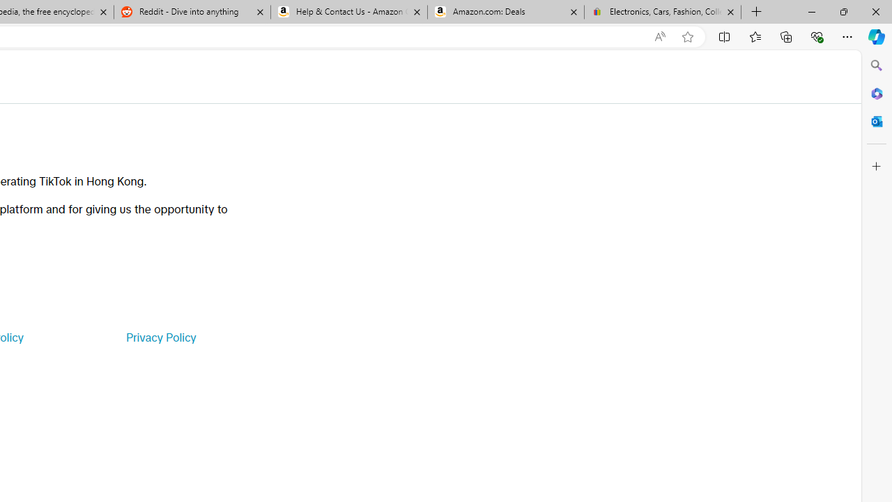  What do you see at coordinates (876, 121) in the screenshot?
I see `'Close Outlook pane'` at bounding box center [876, 121].